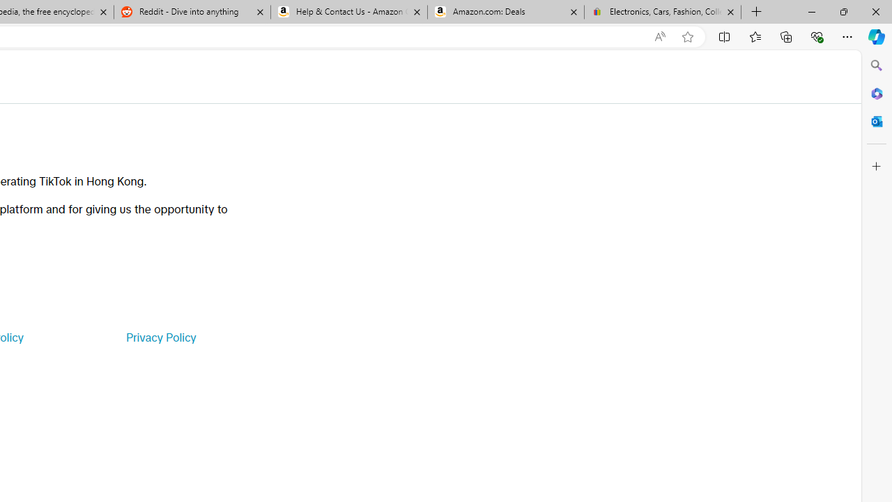  What do you see at coordinates (876, 121) in the screenshot?
I see `'Close Outlook pane'` at bounding box center [876, 121].